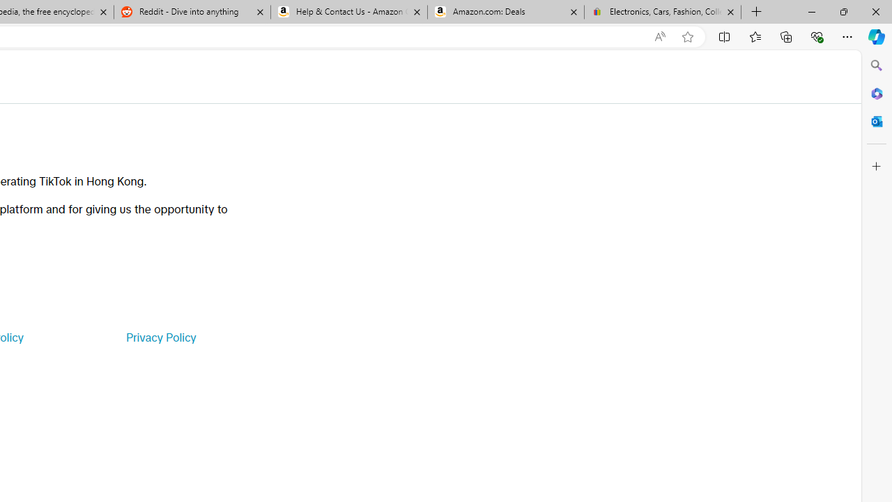  What do you see at coordinates (876, 121) in the screenshot?
I see `'Close Outlook pane'` at bounding box center [876, 121].